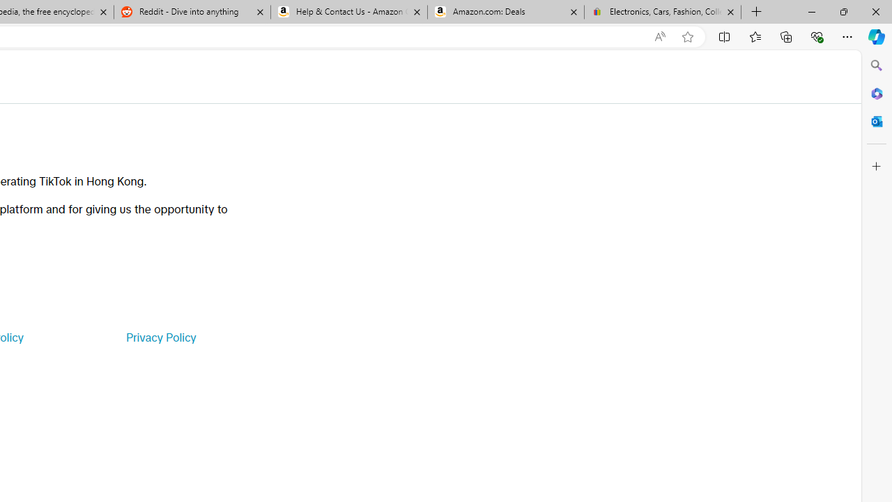  What do you see at coordinates (876, 121) in the screenshot?
I see `'Close Outlook pane'` at bounding box center [876, 121].